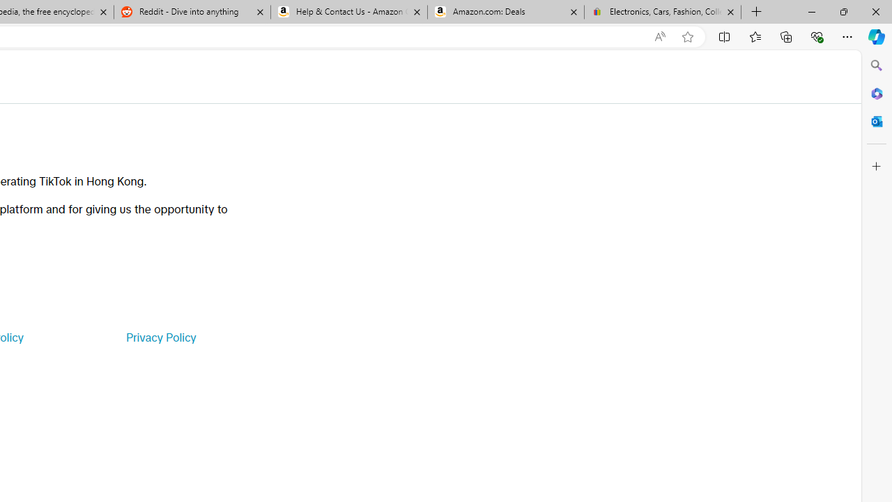  What do you see at coordinates (876, 121) in the screenshot?
I see `'Close Outlook pane'` at bounding box center [876, 121].